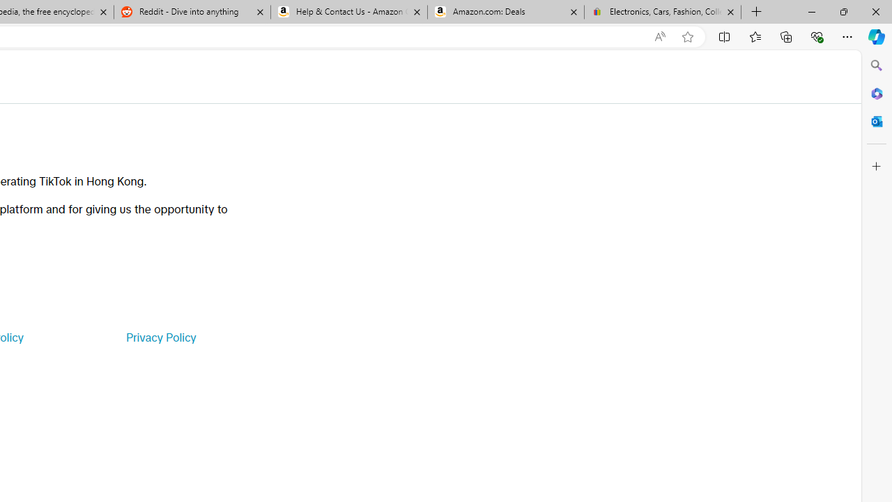  What do you see at coordinates (876, 121) in the screenshot?
I see `'Close Outlook pane'` at bounding box center [876, 121].